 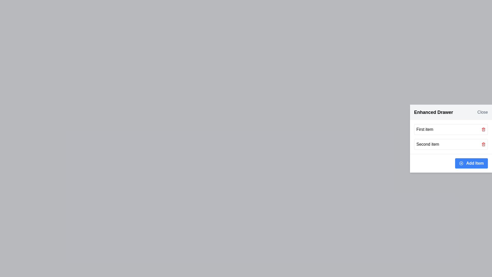 I want to click on the text label displaying 'Second item' in the Enhanced Drawer panel, which is styled in bold black font and is positioned directly beneath the 'First item', so click(x=428, y=144).